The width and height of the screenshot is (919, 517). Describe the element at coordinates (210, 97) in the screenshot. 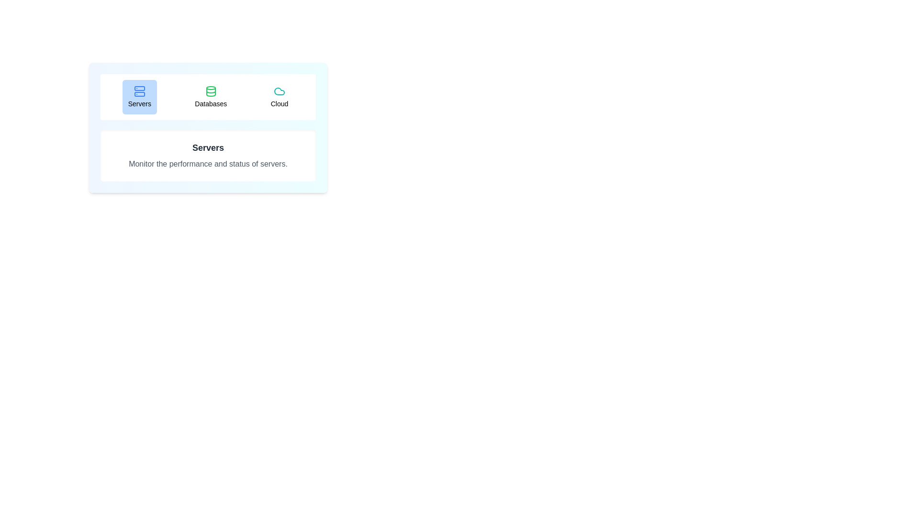

I see `the Databases tab to view its content` at that location.